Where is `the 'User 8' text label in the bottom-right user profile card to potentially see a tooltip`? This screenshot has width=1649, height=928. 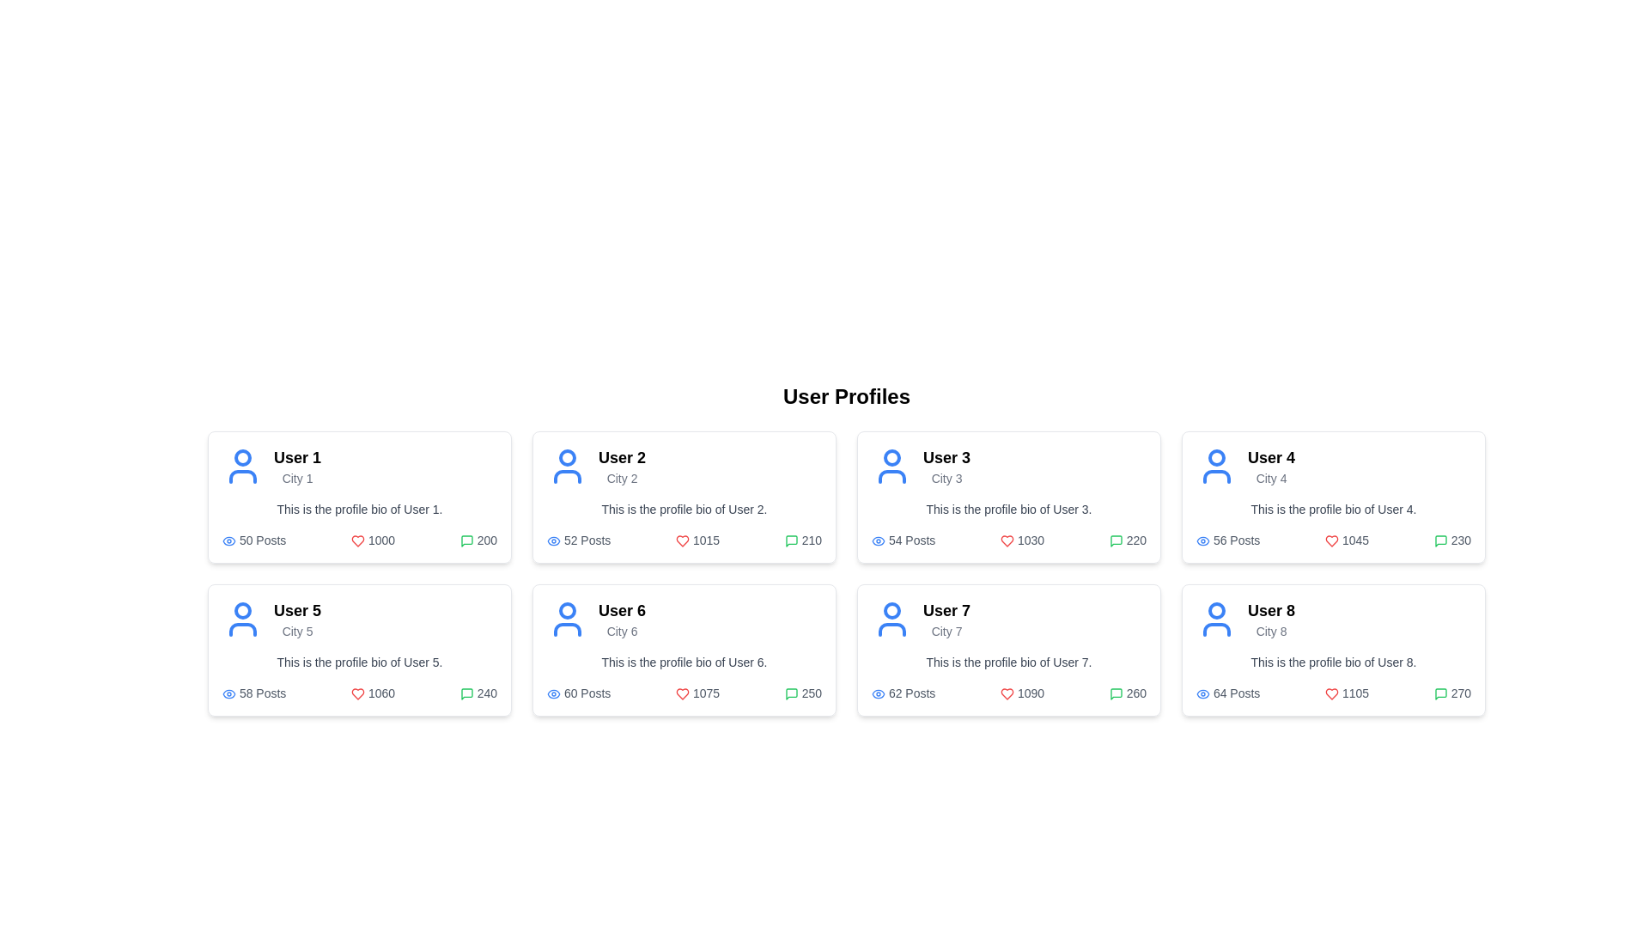
the 'User 8' text label in the bottom-right user profile card to potentially see a tooltip is located at coordinates (1271, 609).